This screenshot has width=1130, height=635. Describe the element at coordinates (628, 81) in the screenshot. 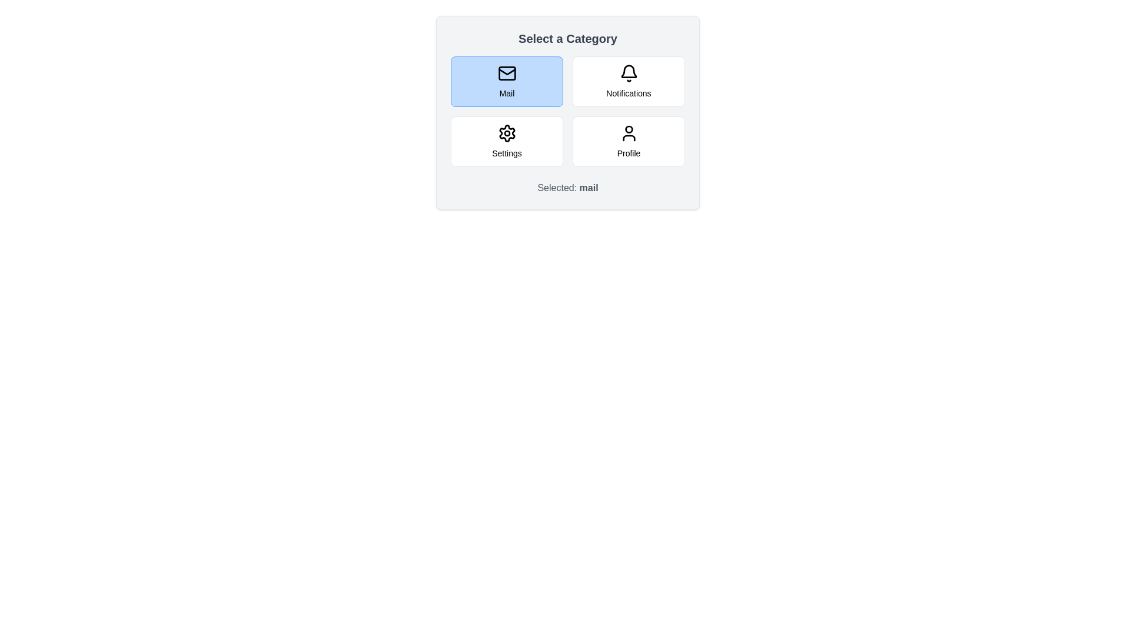

I see `the Notifications button to select it` at that location.